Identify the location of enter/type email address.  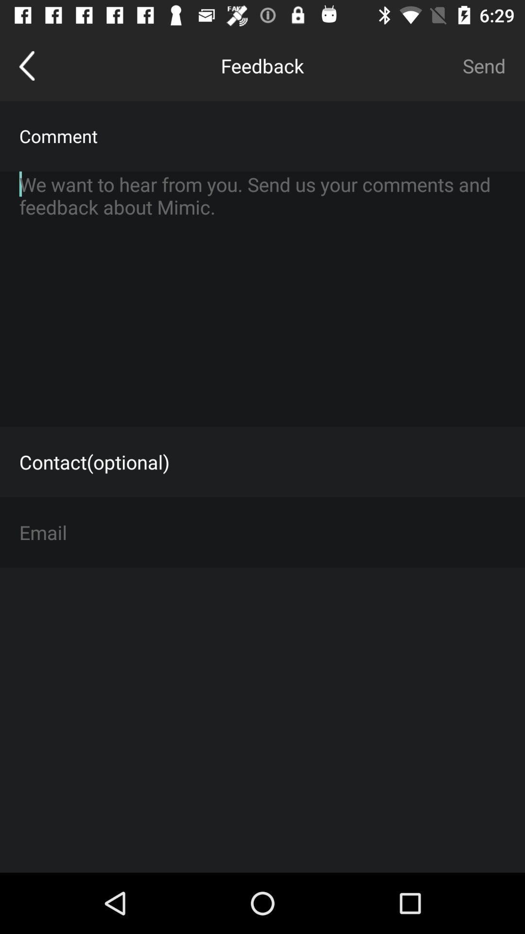
(262, 532).